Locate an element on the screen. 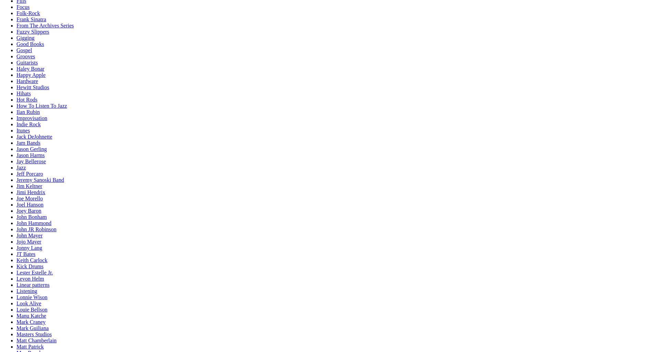  'Joe Morello' is located at coordinates (30, 198).